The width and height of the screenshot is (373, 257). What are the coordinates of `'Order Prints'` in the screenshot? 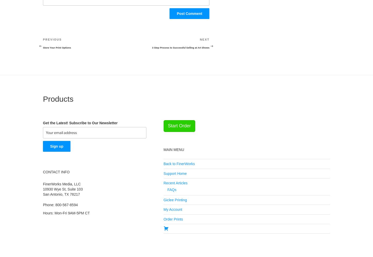 It's located at (163, 218).